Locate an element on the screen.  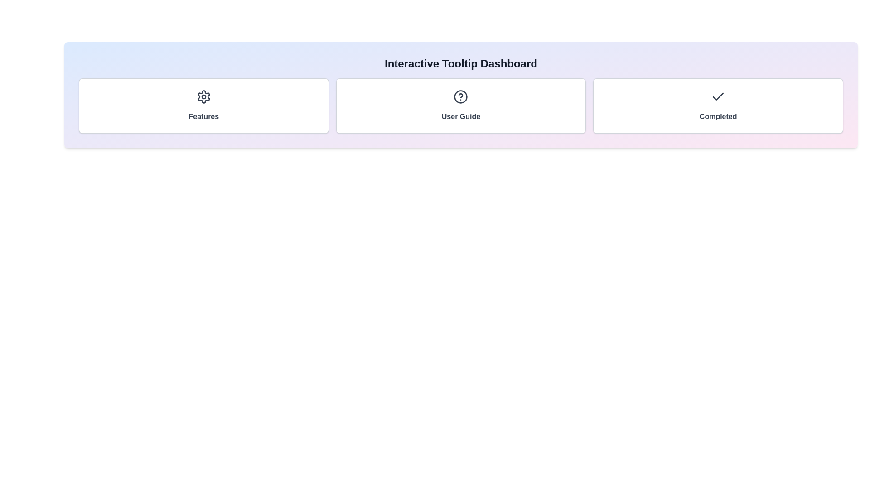
the checkmark icon indicating task completion within the 'Completed' card component on the right-hand side of the horizontal menu bar is located at coordinates (718, 96).